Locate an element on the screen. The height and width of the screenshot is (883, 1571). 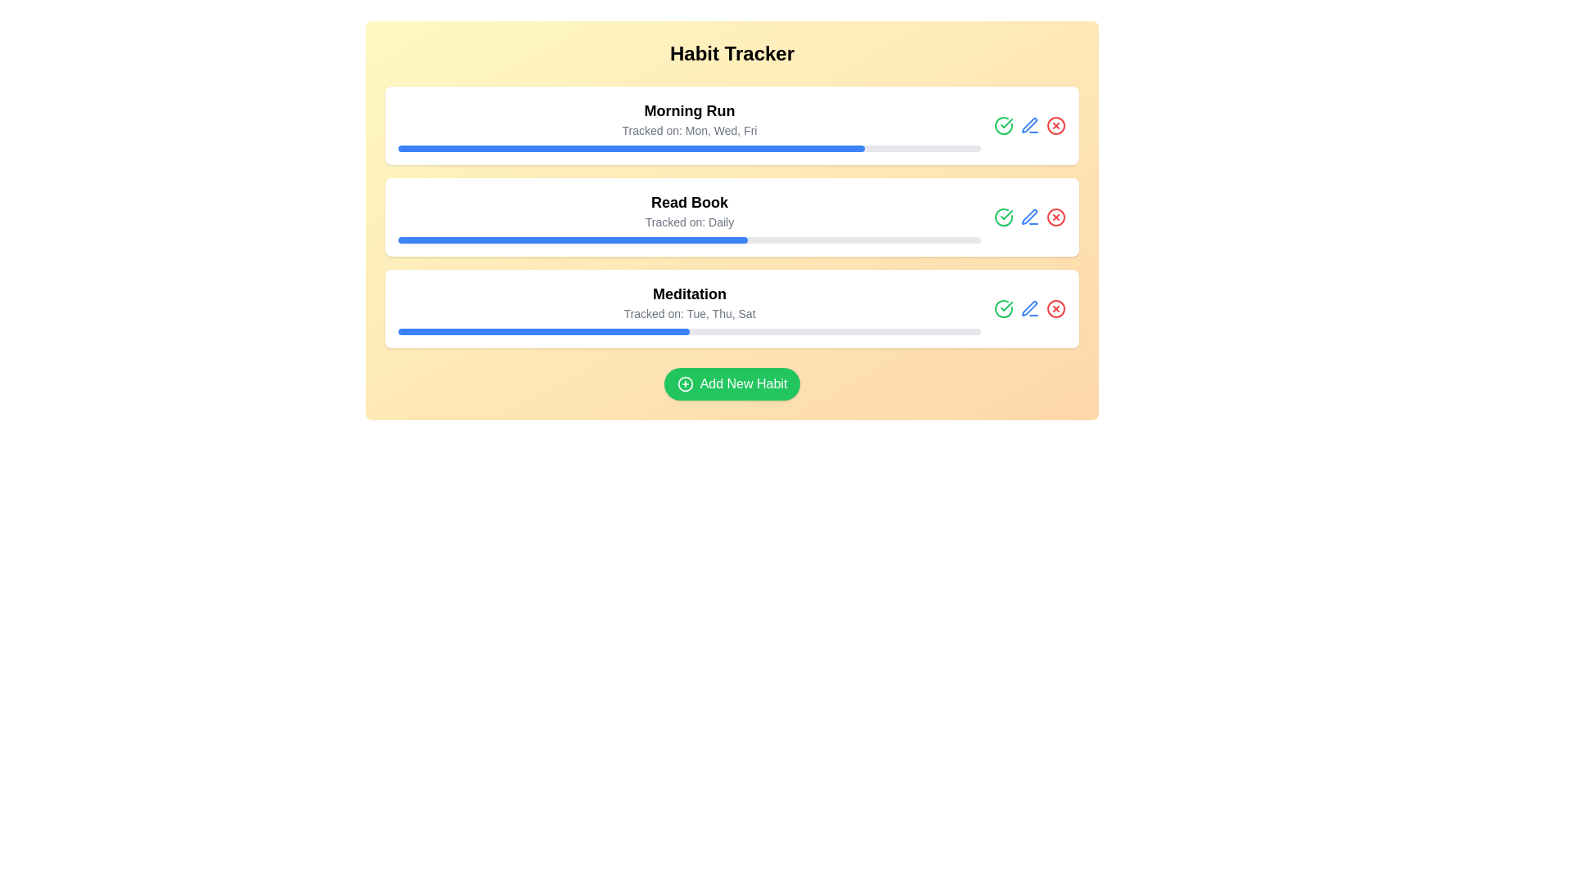
the progress bar is located at coordinates (726, 240).